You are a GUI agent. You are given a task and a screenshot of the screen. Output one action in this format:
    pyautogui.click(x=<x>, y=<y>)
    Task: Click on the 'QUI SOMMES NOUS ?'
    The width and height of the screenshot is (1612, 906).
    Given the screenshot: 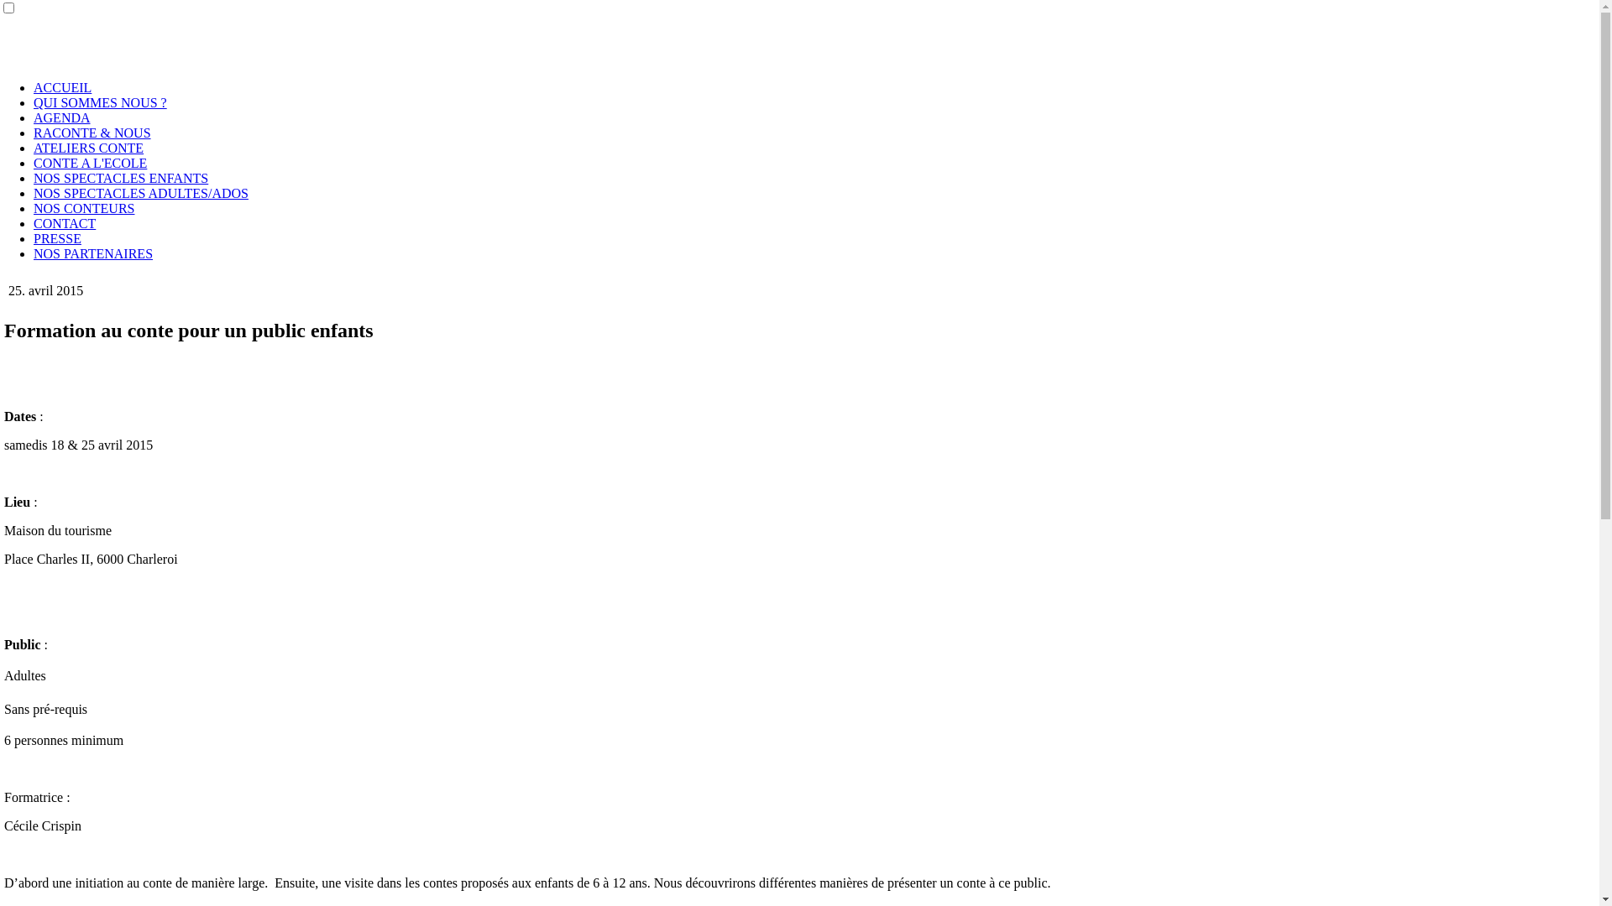 What is the action you would take?
    pyautogui.click(x=99, y=102)
    